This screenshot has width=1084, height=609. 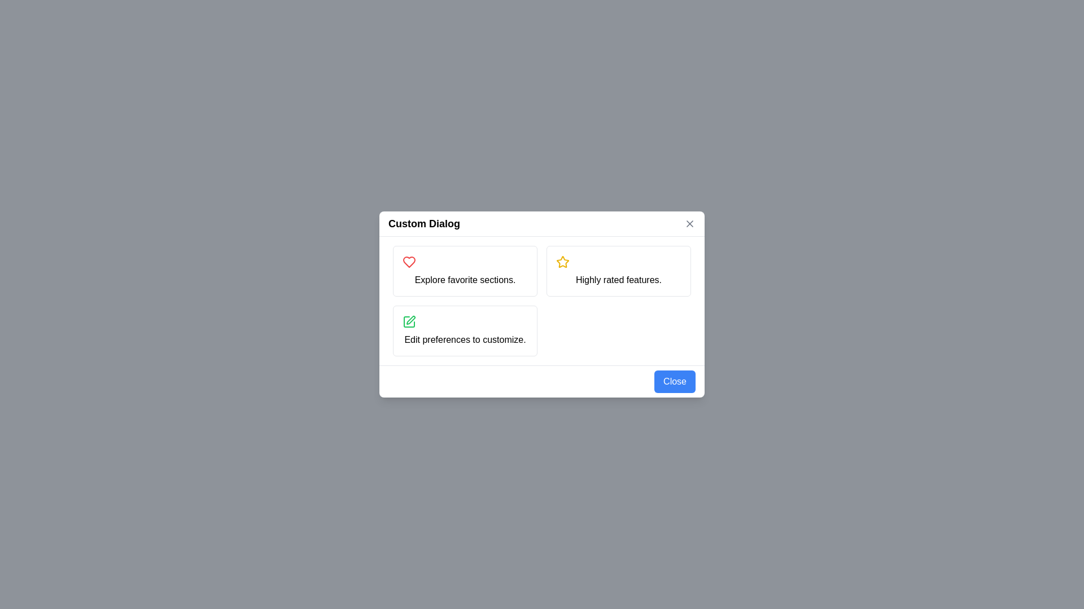 I want to click on or select the informational card located in the Custom Dialog window, positioned at the top left of a 2x2 grid layout, so click(x=465, y=271).